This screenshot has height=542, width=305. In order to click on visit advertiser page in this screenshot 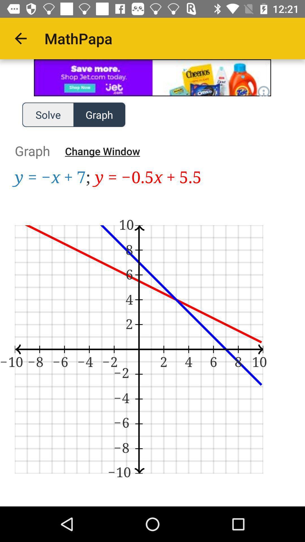, I will do `click(152, 77)`.